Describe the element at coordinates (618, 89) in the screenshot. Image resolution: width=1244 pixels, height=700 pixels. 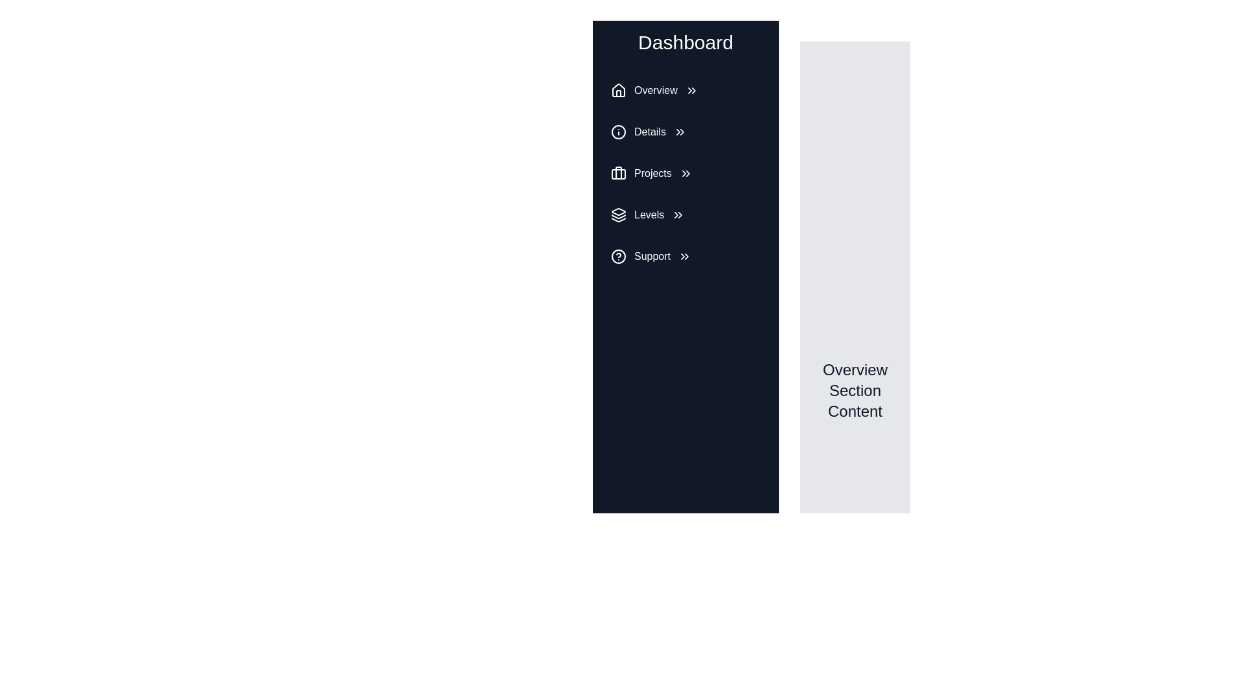
I see `the house-shaped 'Home' icon located in the vertical navigation menu, which is the first icon in the list item labeled 'Overview'` at that location.